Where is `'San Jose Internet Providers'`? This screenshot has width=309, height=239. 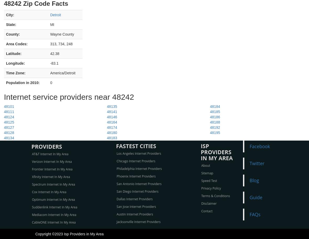 'San Jose Internet Providers' is located at coordinates (136, 206).